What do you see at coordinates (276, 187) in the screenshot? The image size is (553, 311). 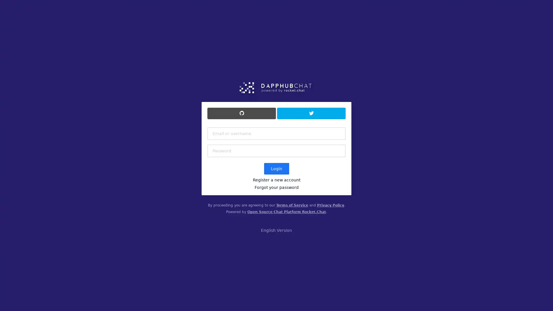 I see `Forgot your password` at bounding box center [276, 187].